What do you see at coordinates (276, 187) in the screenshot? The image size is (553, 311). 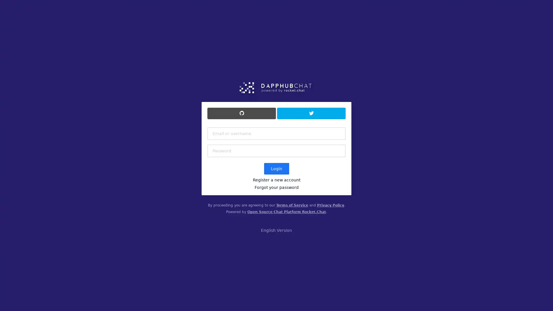 I see `Forgot your password` at bounding box center [276, 187].